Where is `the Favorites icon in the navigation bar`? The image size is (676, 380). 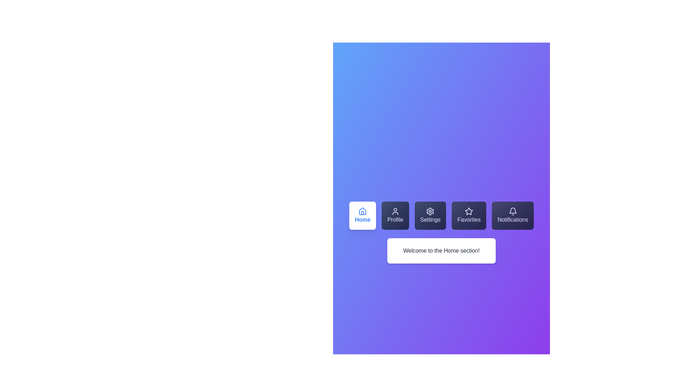 the Favorites icon in the navigation bar is located at coordinates (469, 211).